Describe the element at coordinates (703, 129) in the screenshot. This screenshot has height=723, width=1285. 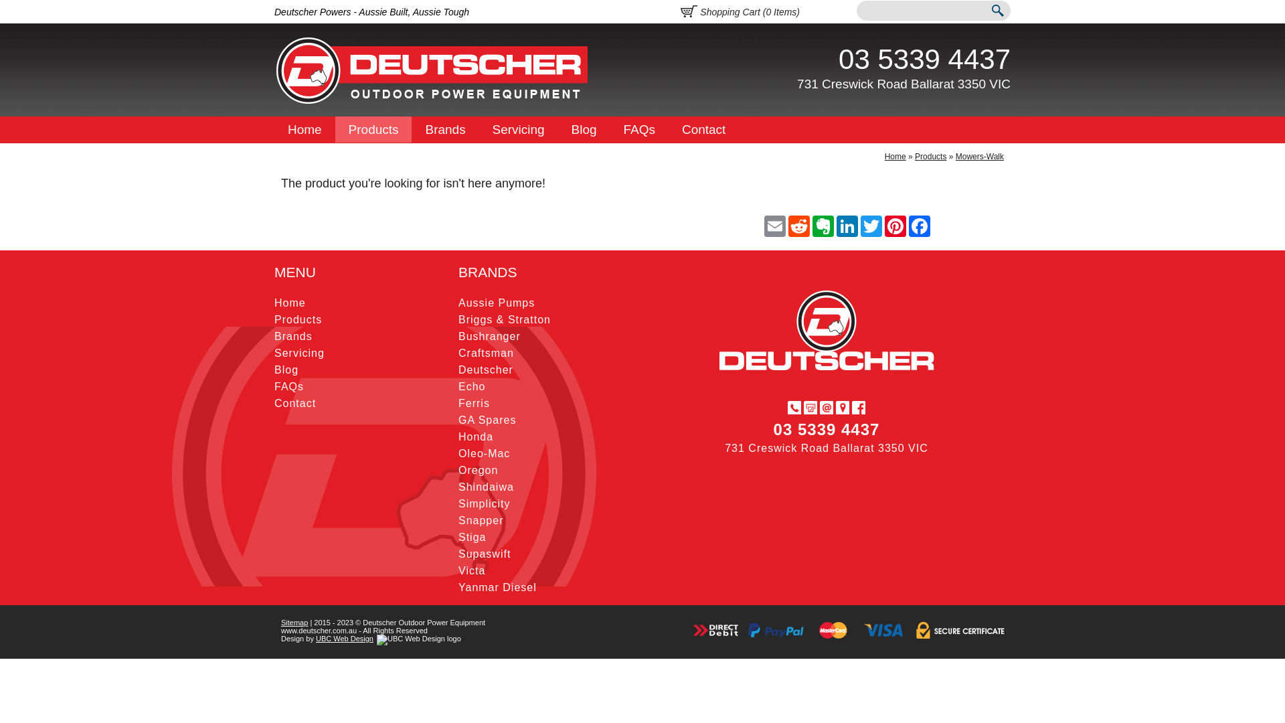
I see `'Contact'` at that location.